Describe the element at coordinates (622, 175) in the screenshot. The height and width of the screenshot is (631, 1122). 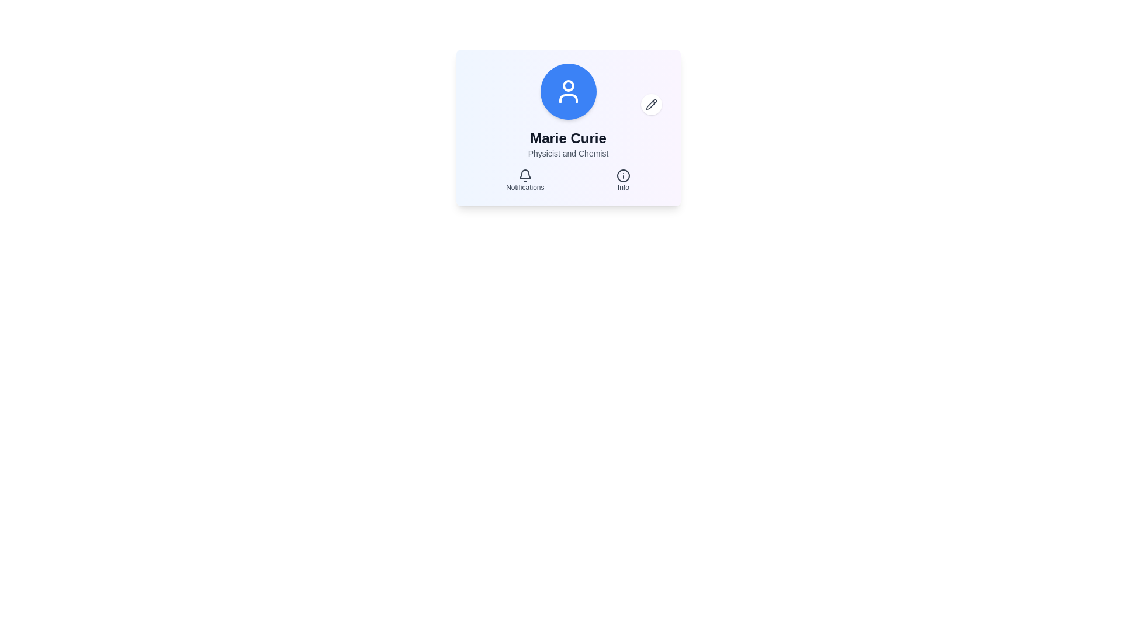
I see `the informational icon located at the bottom-right of the card layout, next to the Notifications icon` at that location.